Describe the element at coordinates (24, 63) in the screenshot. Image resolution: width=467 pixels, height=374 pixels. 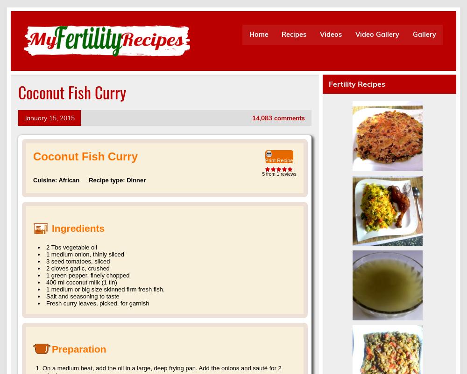
I see `'Enhancing men and women's fertility naturally with herbs and spices.'` at that location.